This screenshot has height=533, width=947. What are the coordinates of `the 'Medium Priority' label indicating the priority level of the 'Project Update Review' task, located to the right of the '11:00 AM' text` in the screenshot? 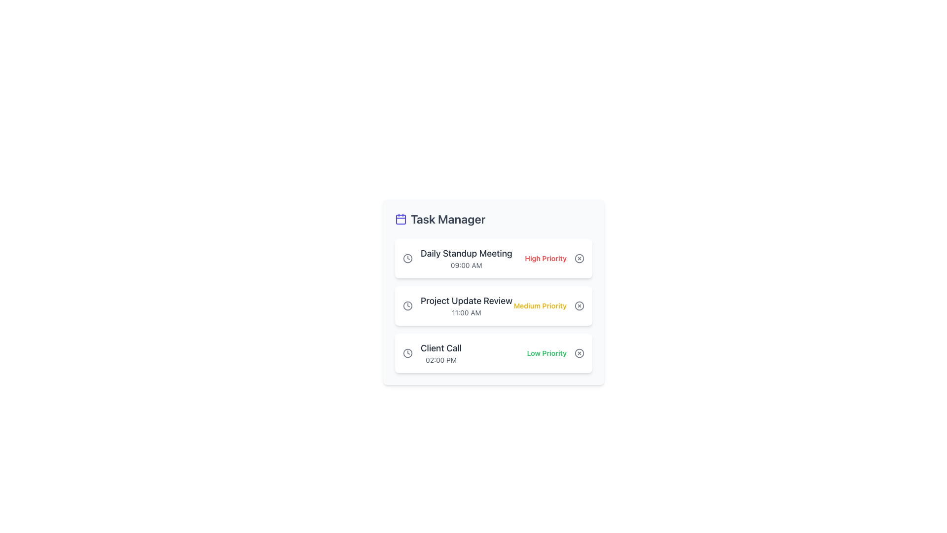 It's located at (548, 305).